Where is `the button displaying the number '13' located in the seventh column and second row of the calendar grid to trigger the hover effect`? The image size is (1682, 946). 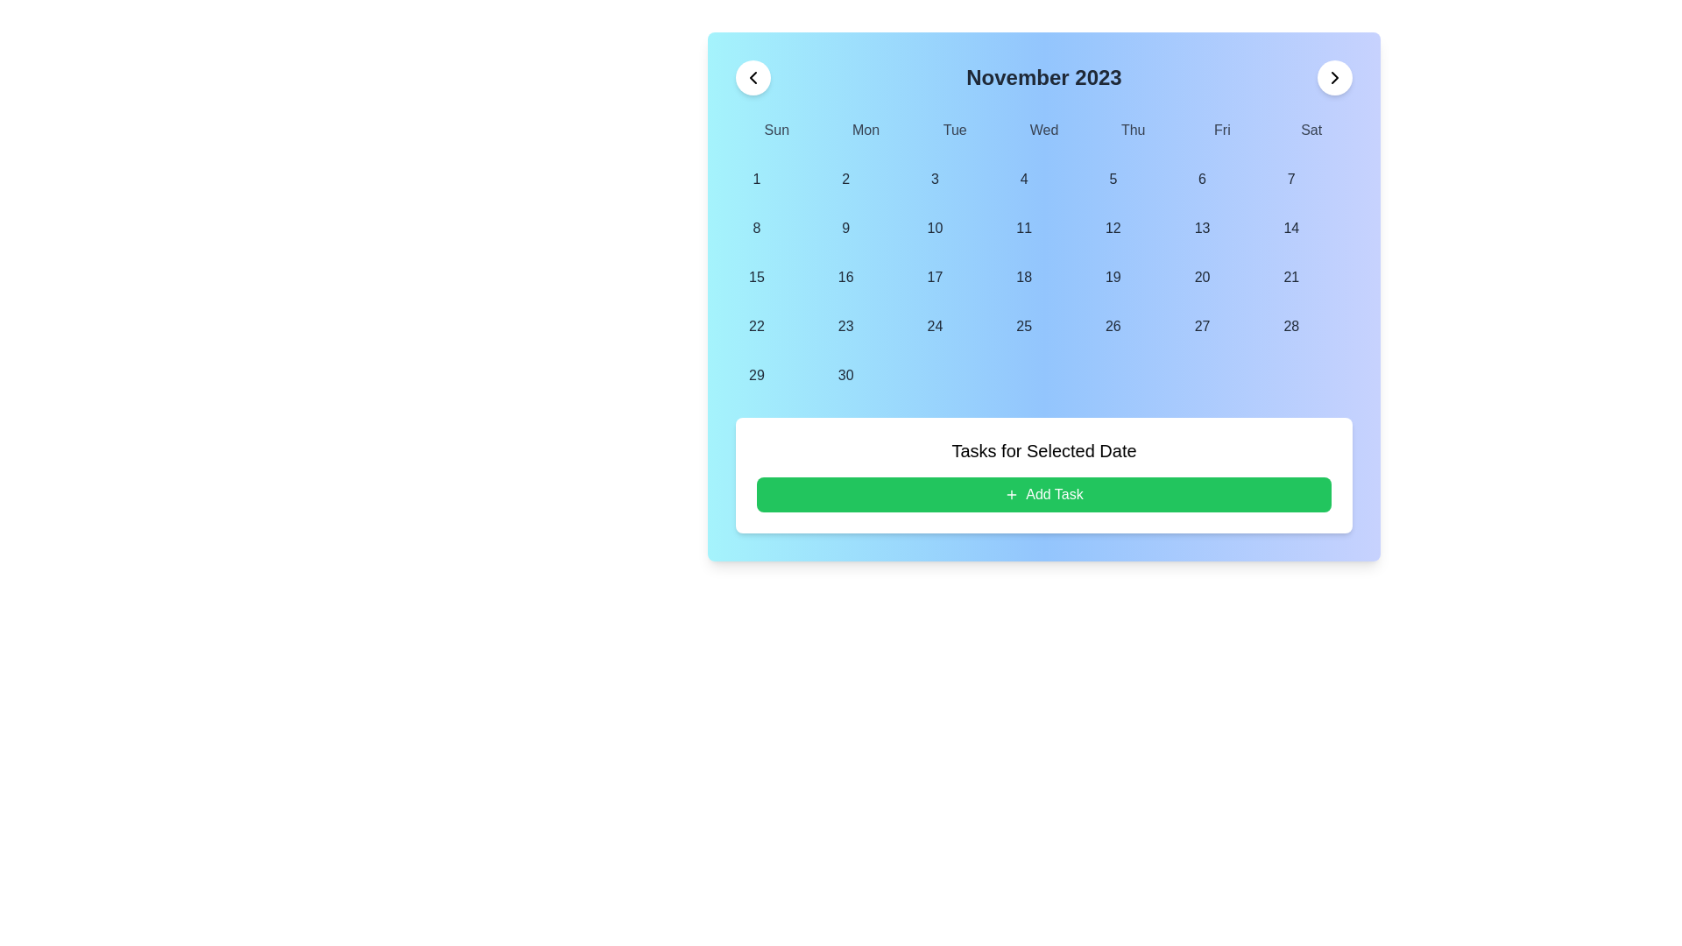 the button displaying the number '13' located in the seventh column and second row of the calendar grid to trigger the hover effect is located at coordinates (1201, 228).